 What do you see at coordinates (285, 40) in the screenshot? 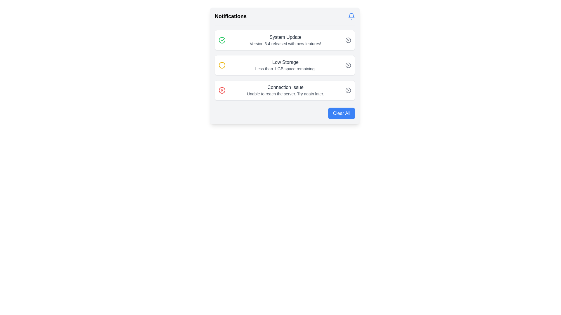
I see `the notification item title and description informing users about a system update, located in the middle area of the first notification card` at bounding box center [285, 40].